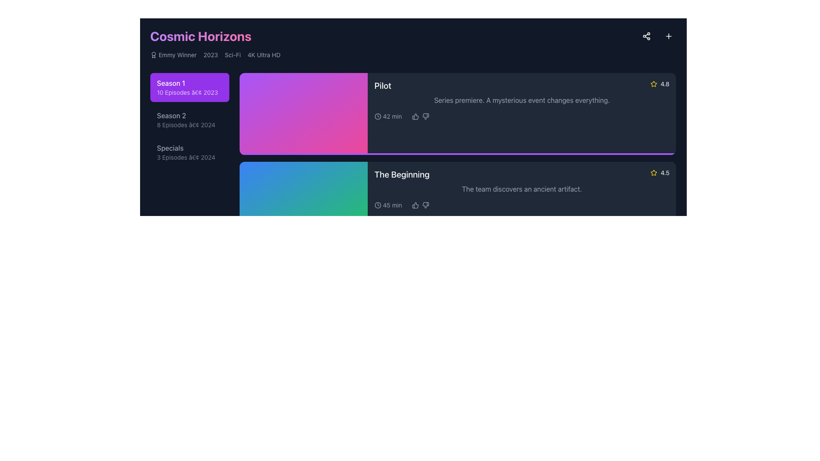 The height and width of the screenshot is (461, 820). I want to click on the thumbs-up icon located in the second group of the 'Pilot' episode card, adjacent to the time duration ('42 min'), to indicate positive feedback, so click(421, 117).